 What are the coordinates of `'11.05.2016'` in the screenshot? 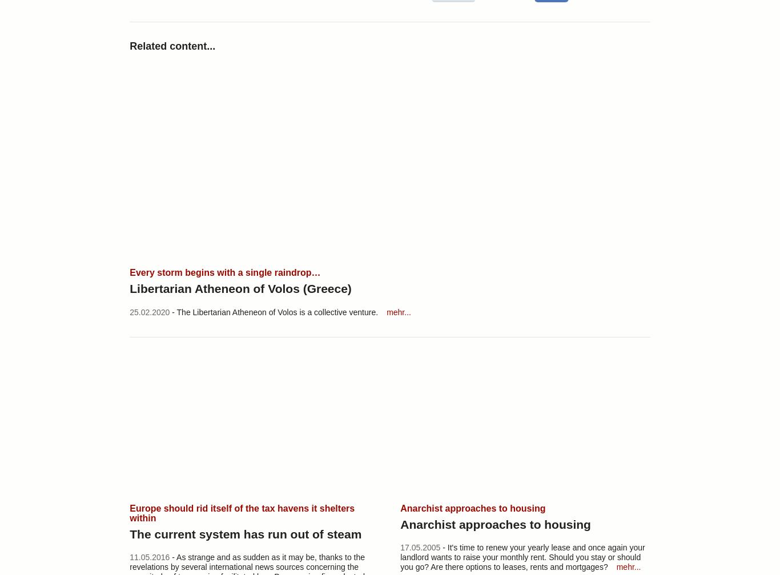 It's located at (149, 556).